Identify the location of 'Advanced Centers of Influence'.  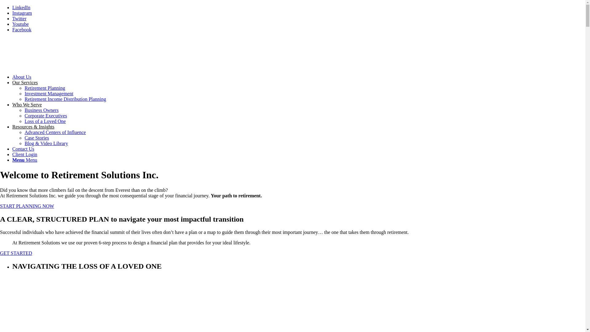
(25, 132).